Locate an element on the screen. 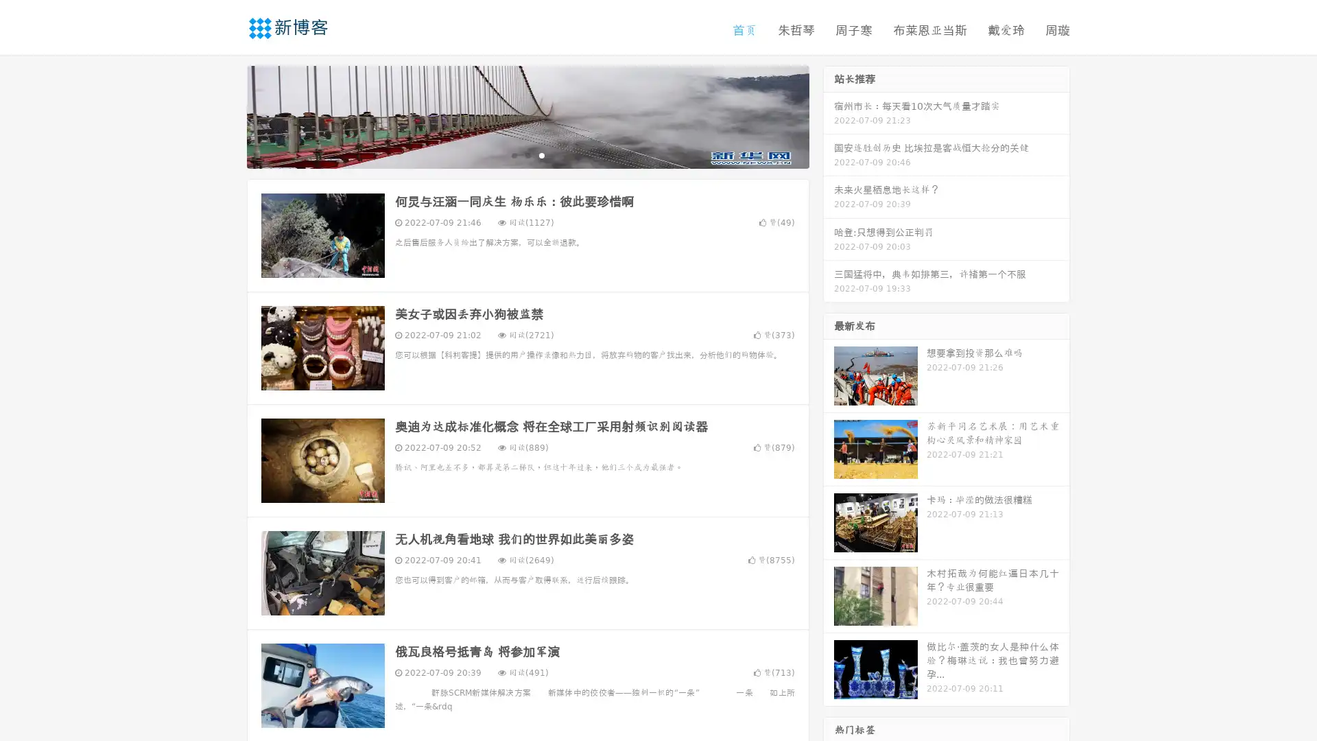  Go to slide 1 is located at coordinates (513, 154).